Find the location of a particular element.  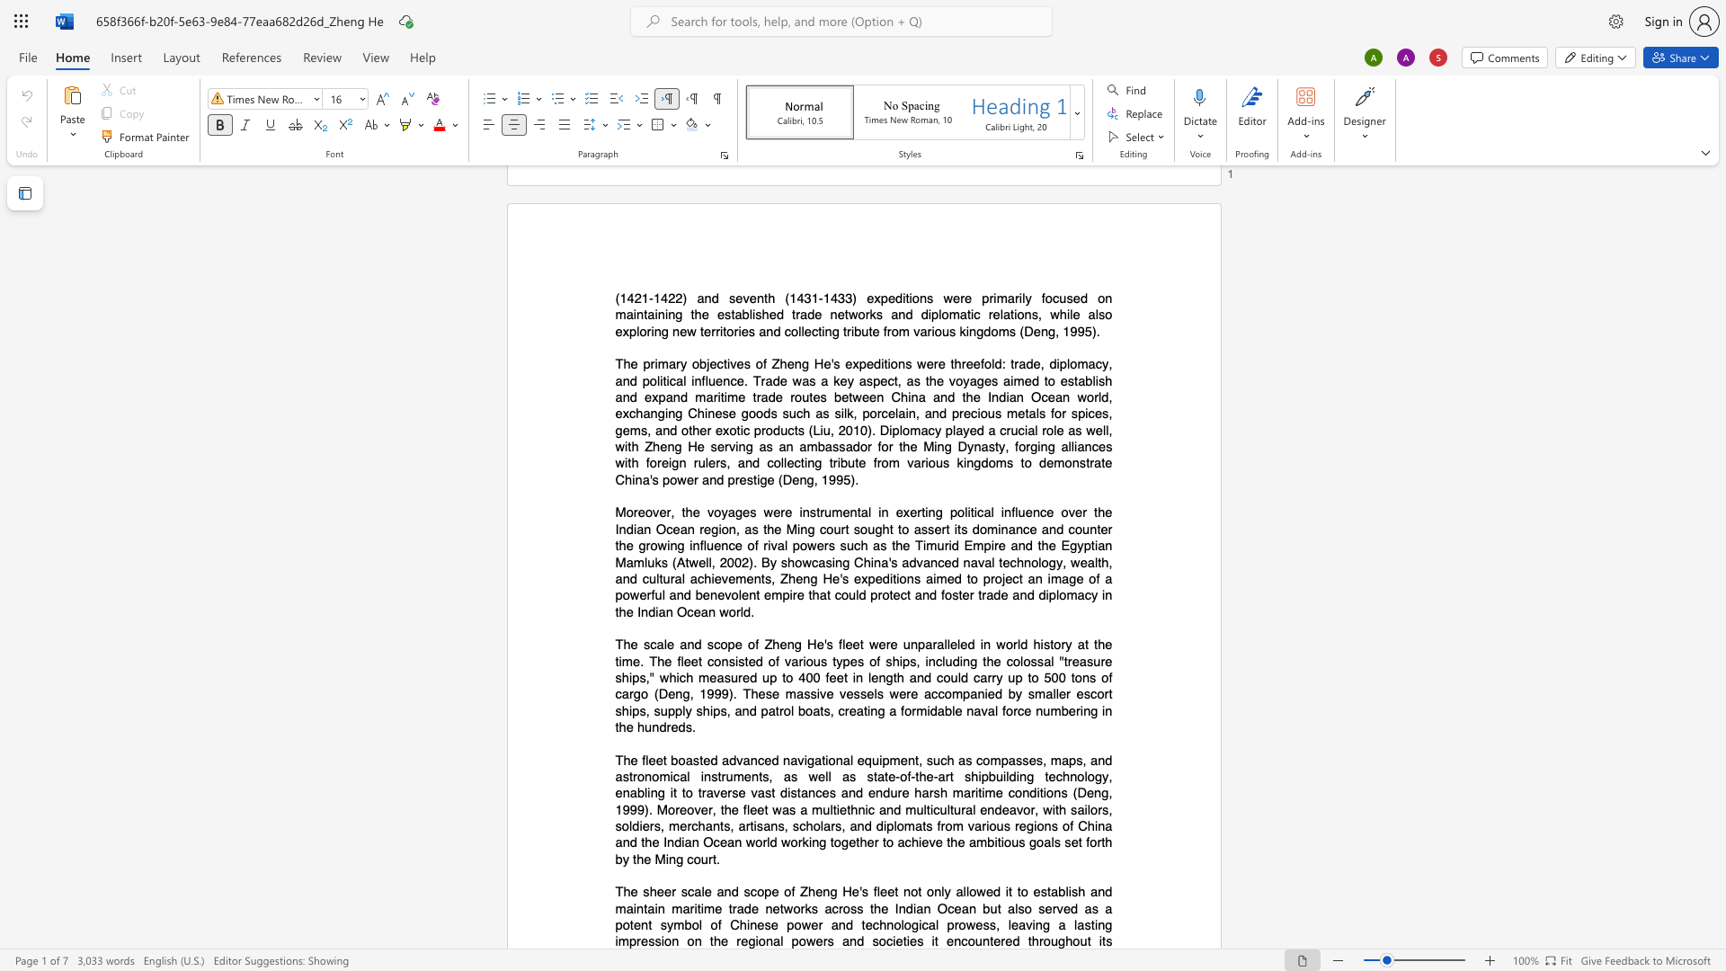

the subset text "ocieti" within the text "on the regional powers and societies it" is located at coordinates (878, 940).